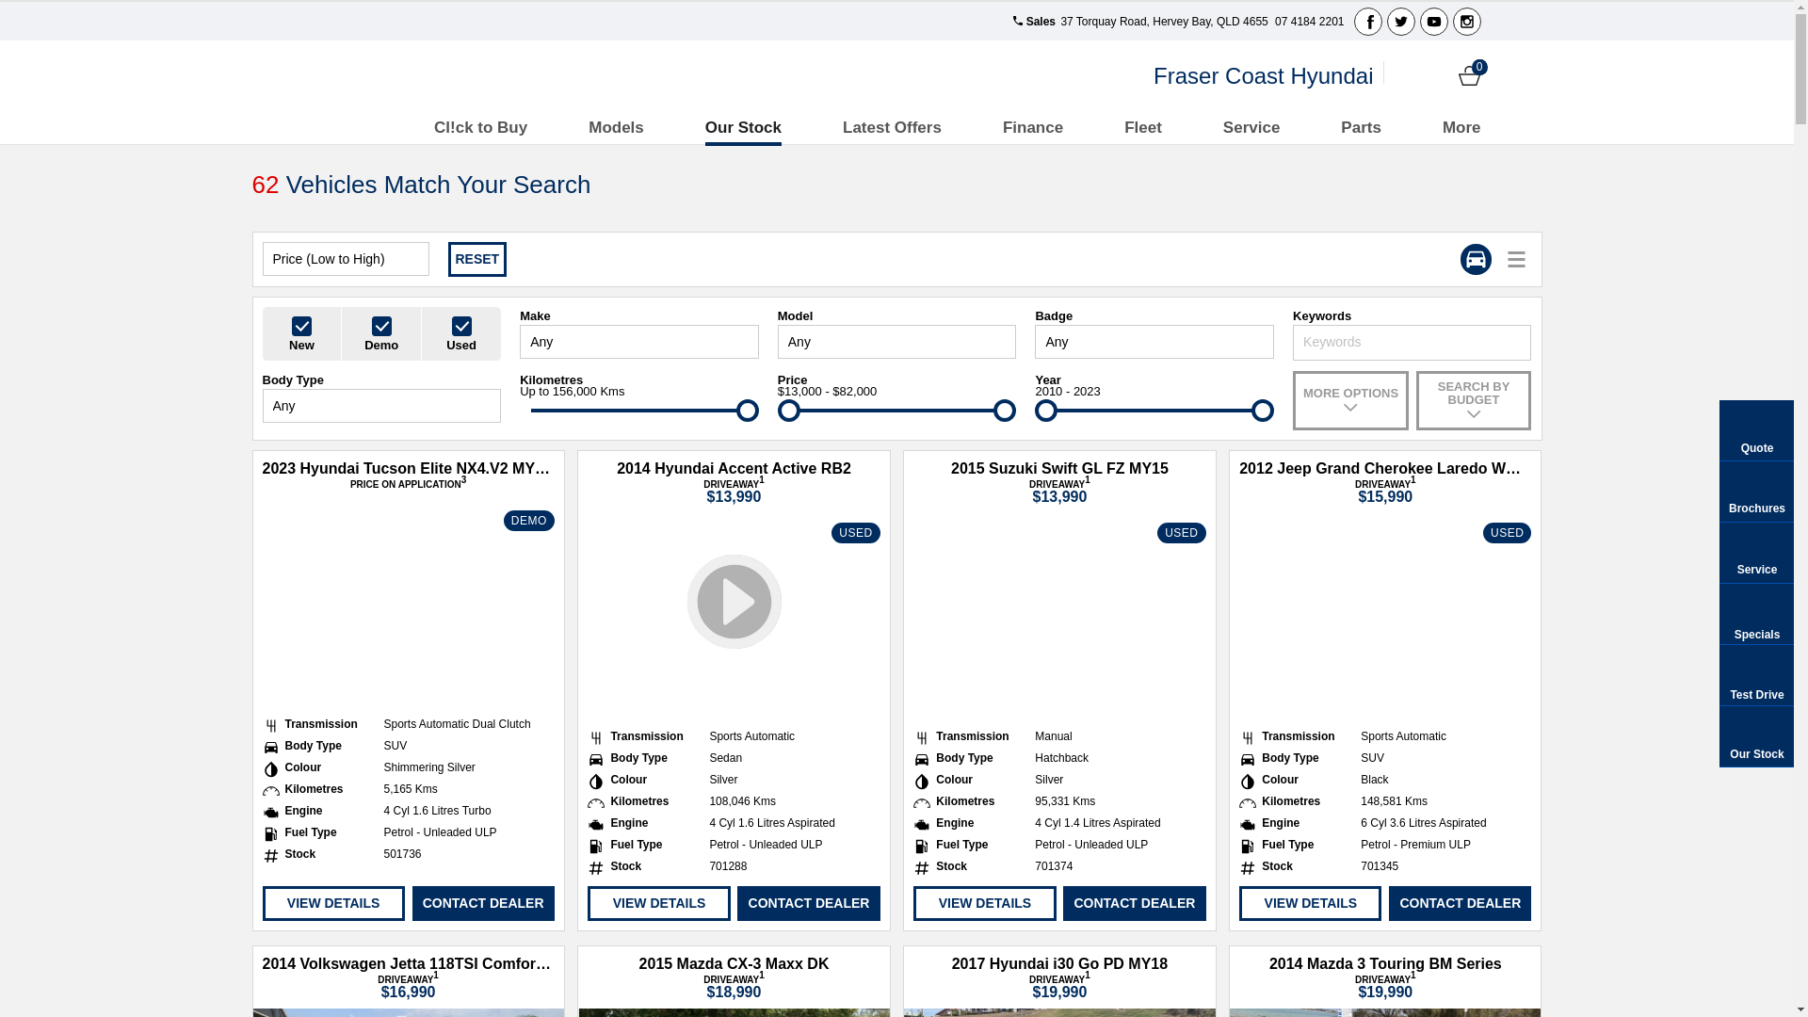 This screenshot has height=1017, width=1808. Describe the element at coordinates (1307, 22) in the screenshot. I see `'07 4184 2201'` at that location.